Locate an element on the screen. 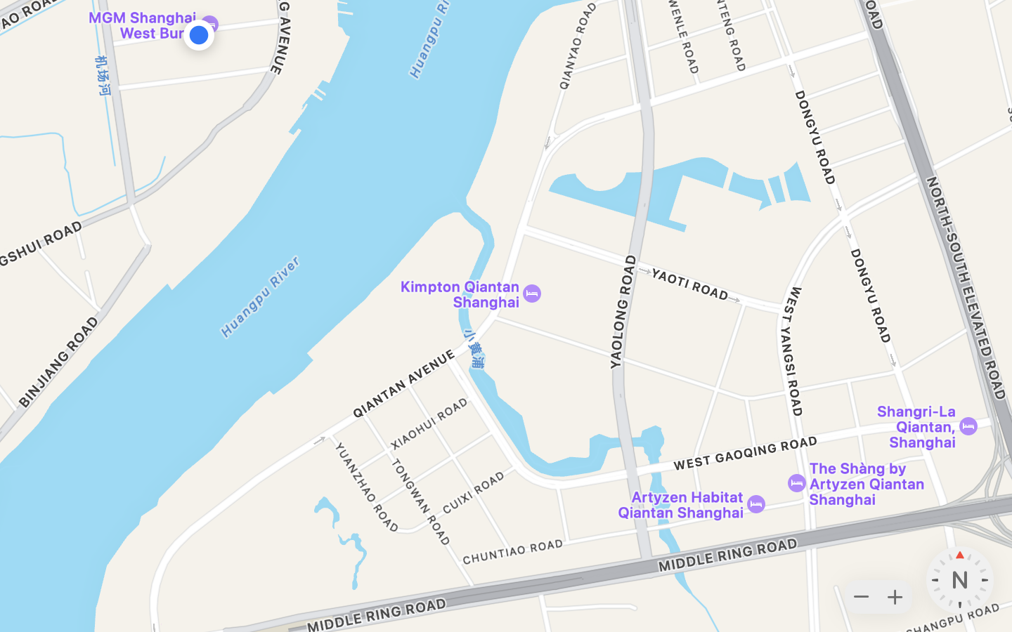 This screenshot has width=1012, height=632. 'Heading: 0 degrees North' is located at coordinates (959, 580).